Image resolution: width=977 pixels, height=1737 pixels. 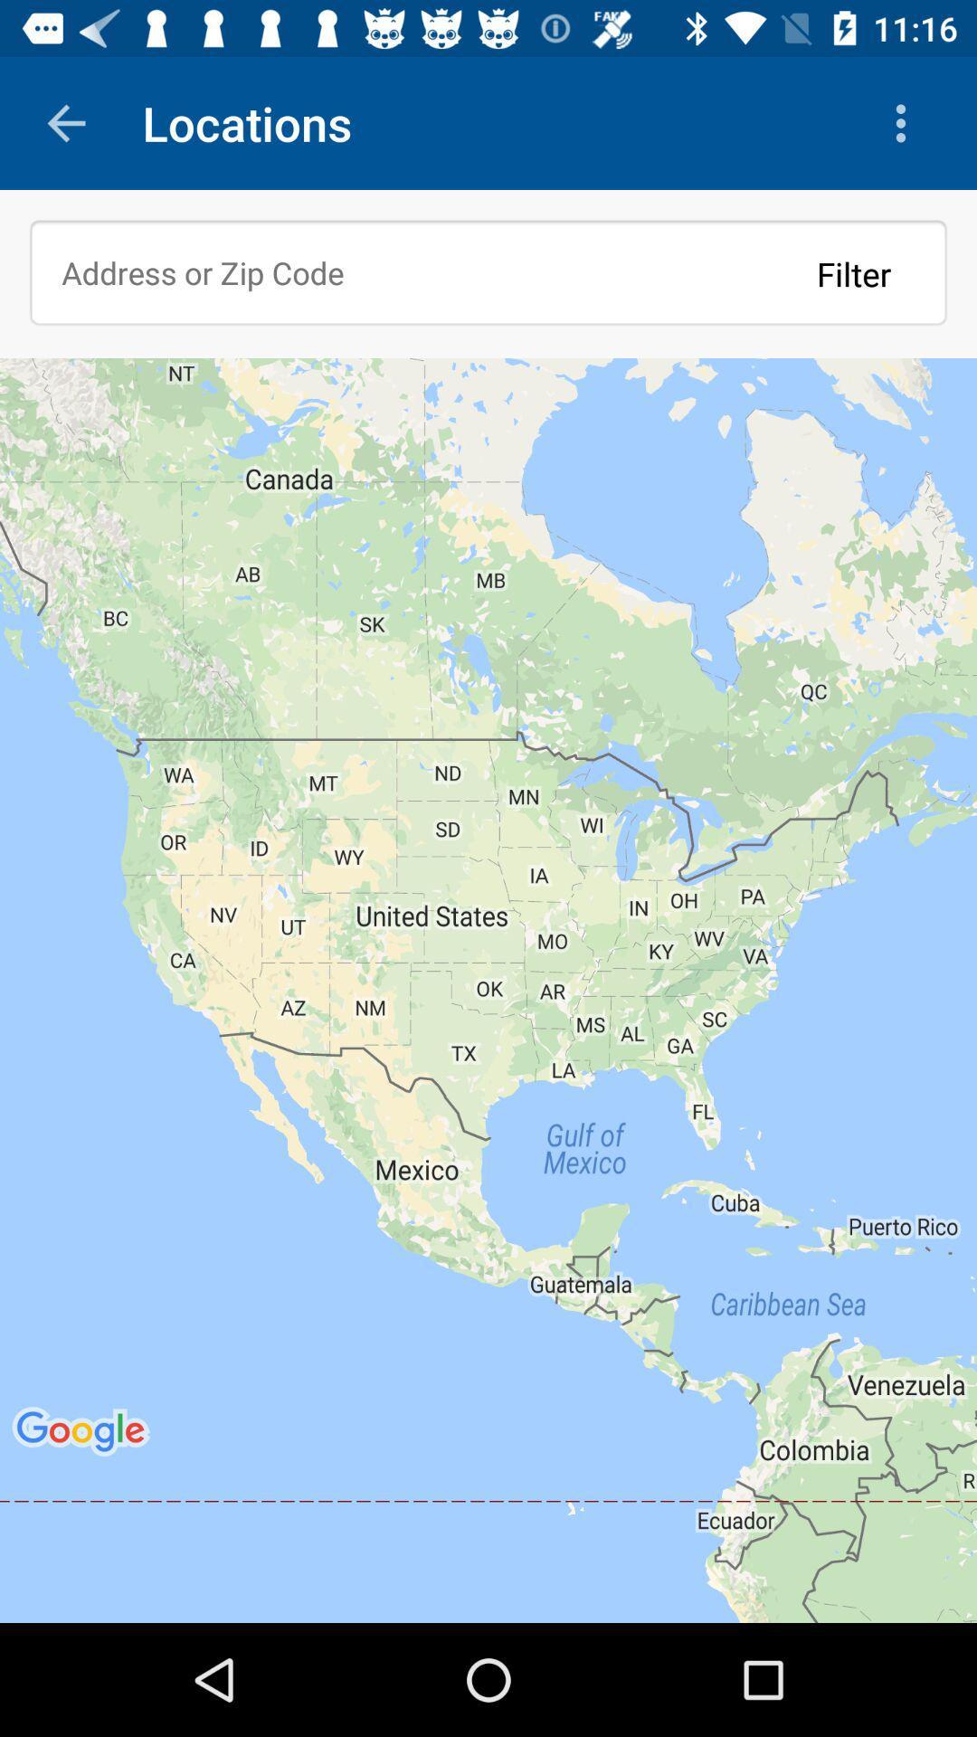 What do you see at coordinates (488, 989) in the screenshot?
I see `app below filter item` at bounding box center [488, 989].